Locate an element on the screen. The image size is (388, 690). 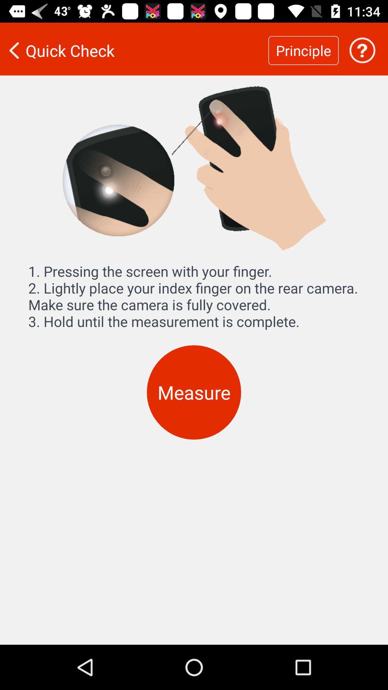
icon below the 1 pressing the item is located at coordinates (194, 392).